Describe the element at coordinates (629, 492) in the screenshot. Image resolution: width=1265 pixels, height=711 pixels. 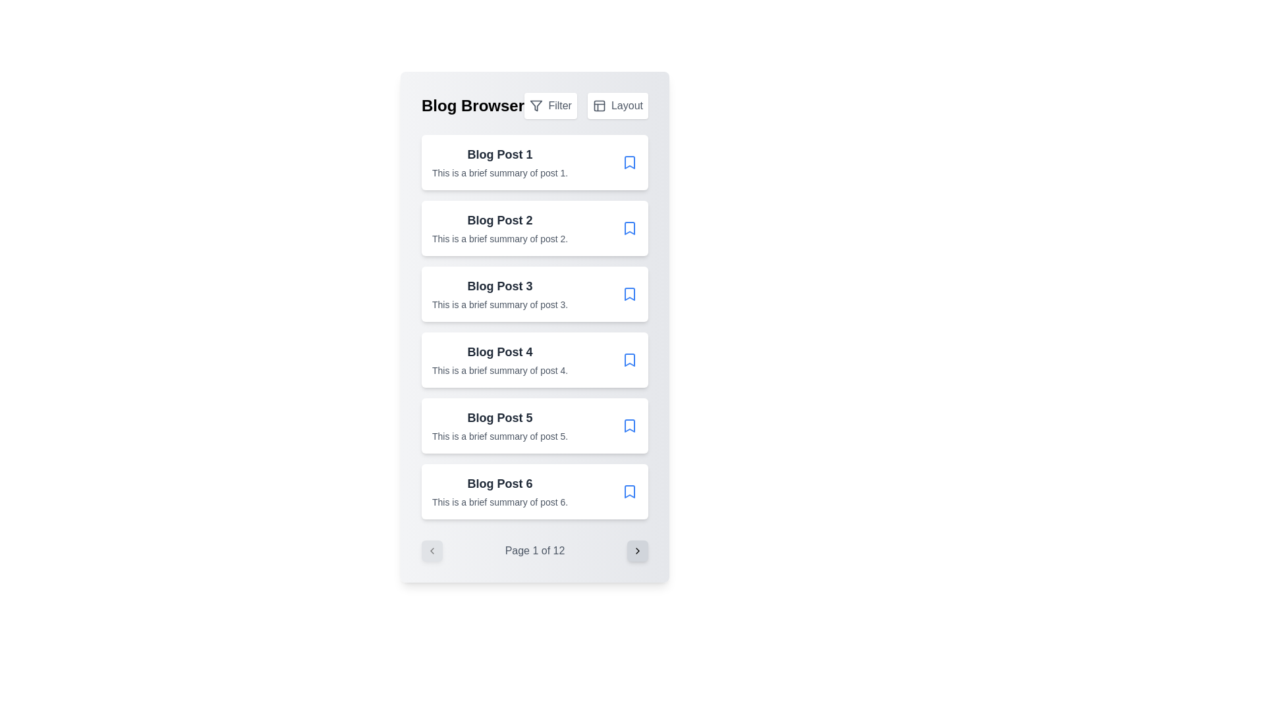
I see `the bookmark icon located to the far right of the sixth blog post entry, adjacent to the summary text 'This is a brief summary of post 6.'` at that location.